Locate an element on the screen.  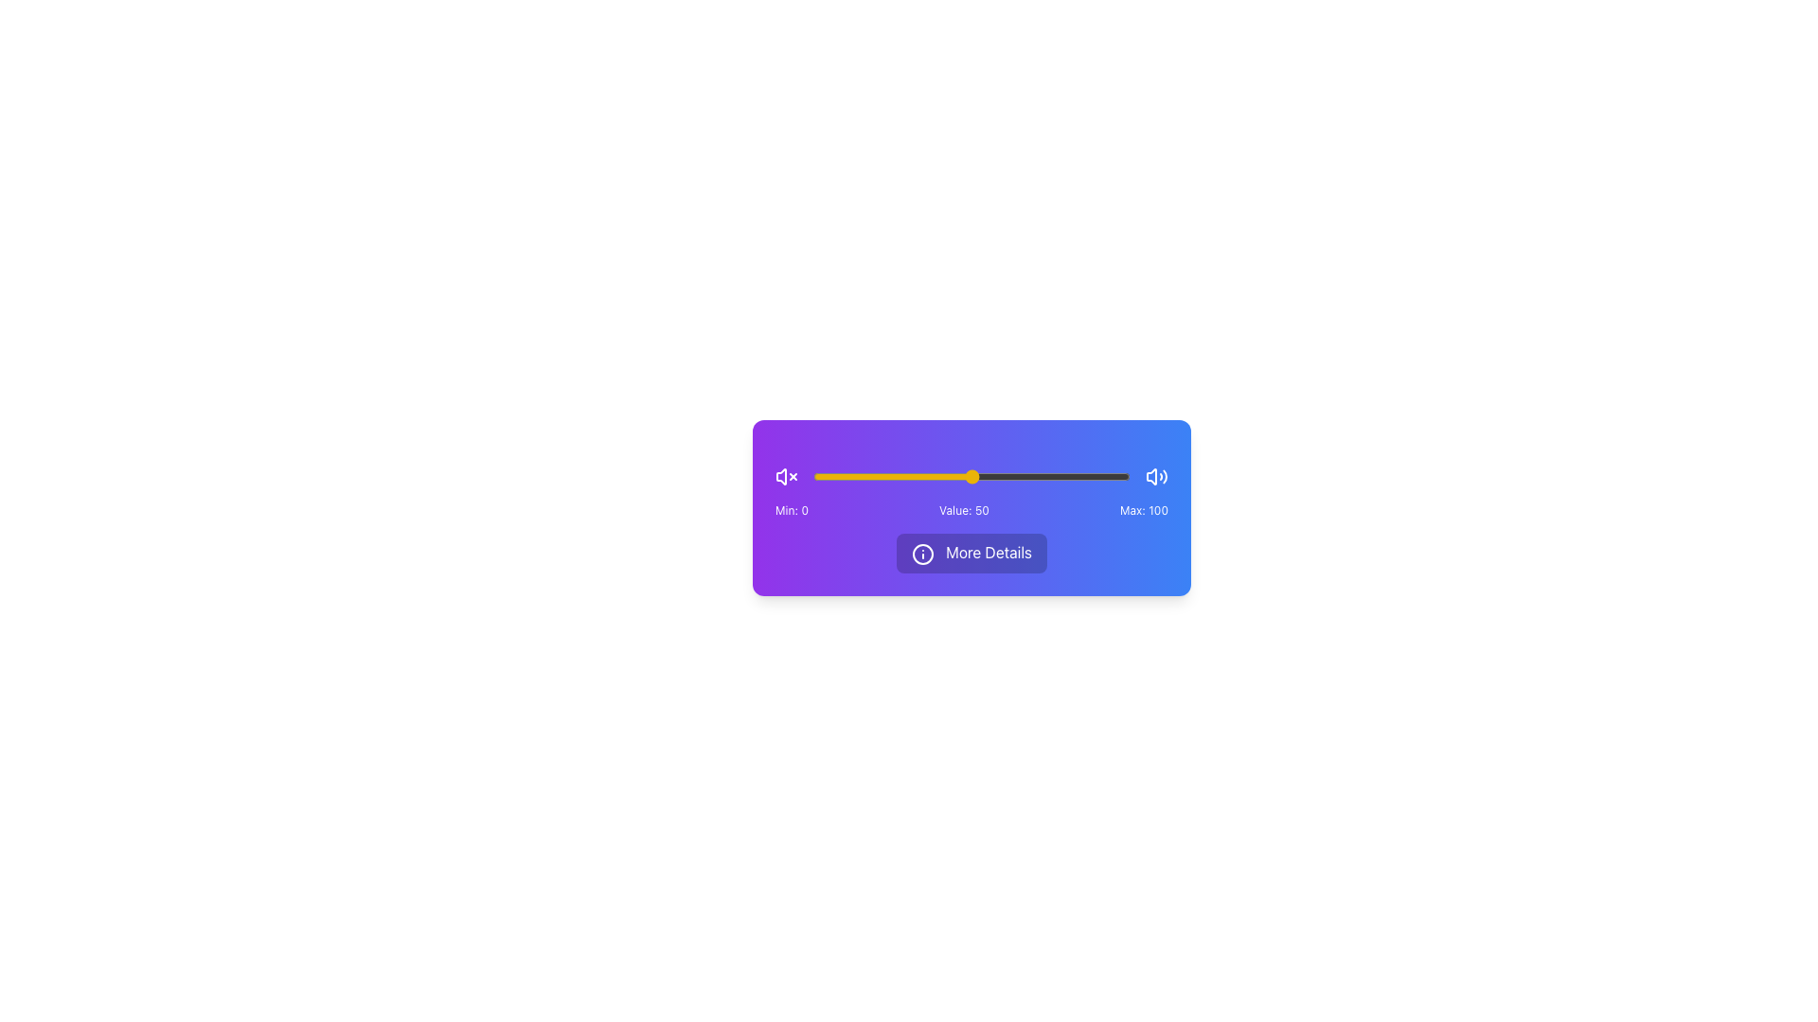
the volume is located at coordinates (876, 476).